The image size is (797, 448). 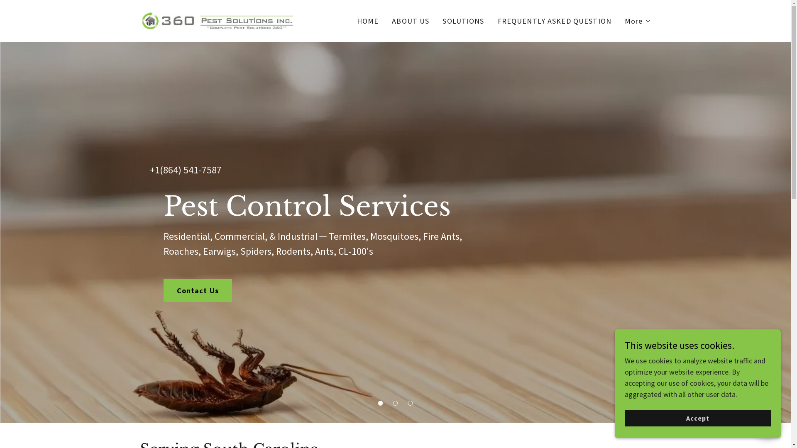 What do you see at coordinates (637, 20) in the screenshot?
I see `'More'` at bounding box center [637, 20].